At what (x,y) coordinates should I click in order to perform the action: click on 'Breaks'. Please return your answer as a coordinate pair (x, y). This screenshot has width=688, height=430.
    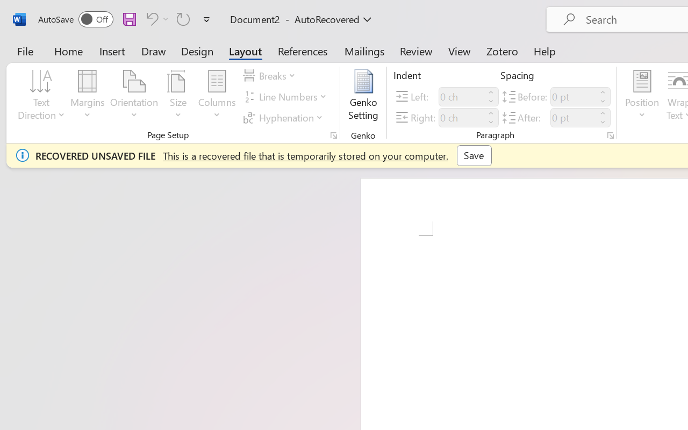
    Looking at the image, I should click on (271, 76).